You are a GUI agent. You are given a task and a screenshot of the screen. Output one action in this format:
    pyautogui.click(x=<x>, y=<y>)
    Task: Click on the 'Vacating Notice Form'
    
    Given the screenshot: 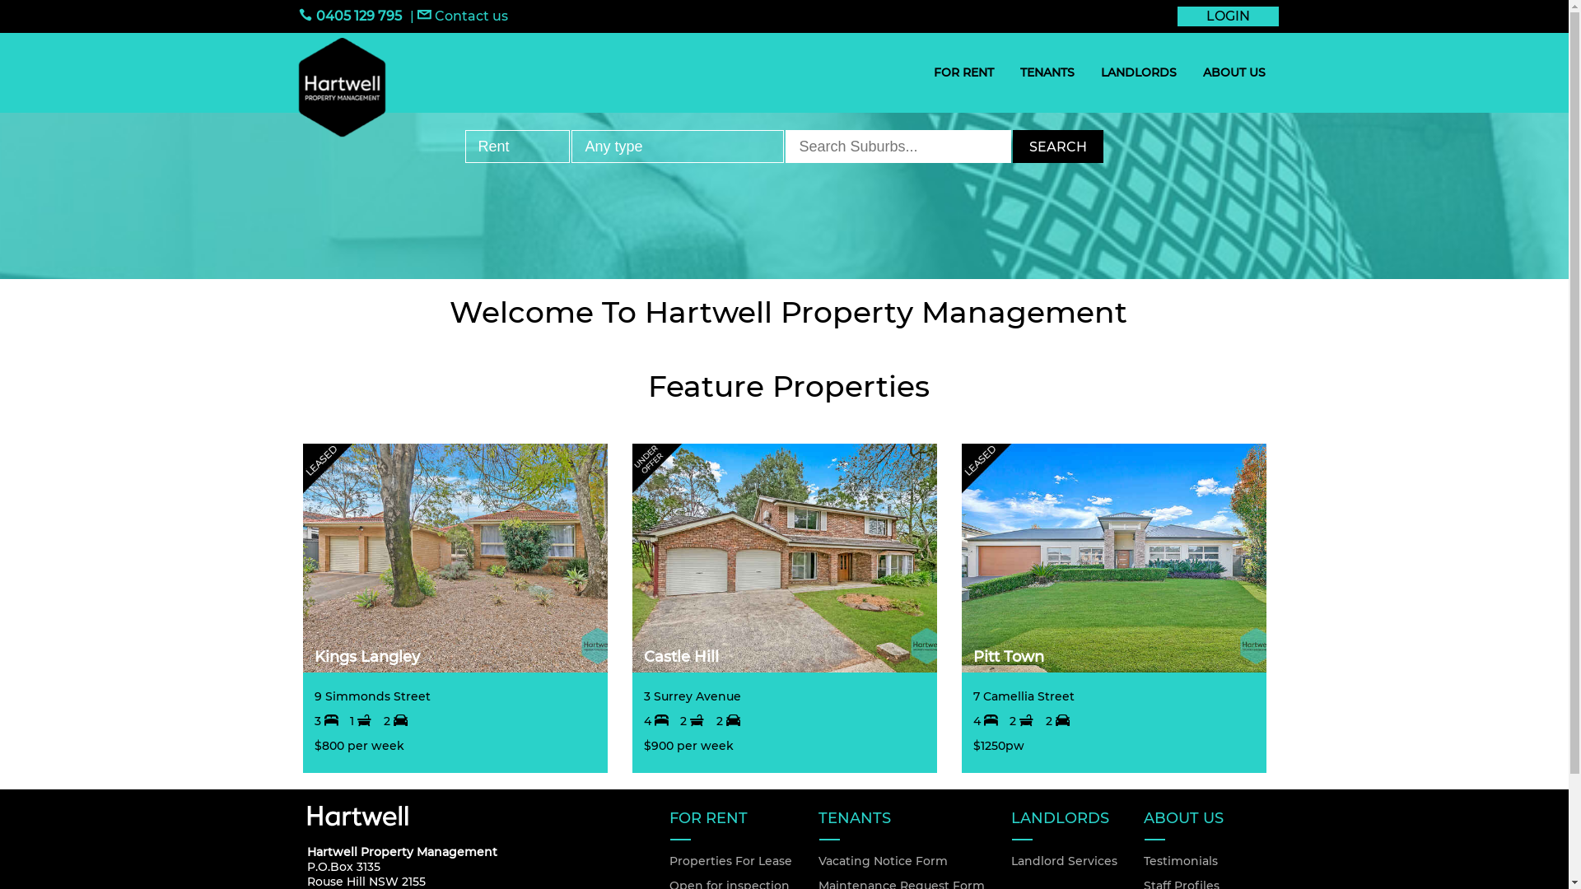 What is the action you would take?
    pyautogui.click(x=900, y=859)
    